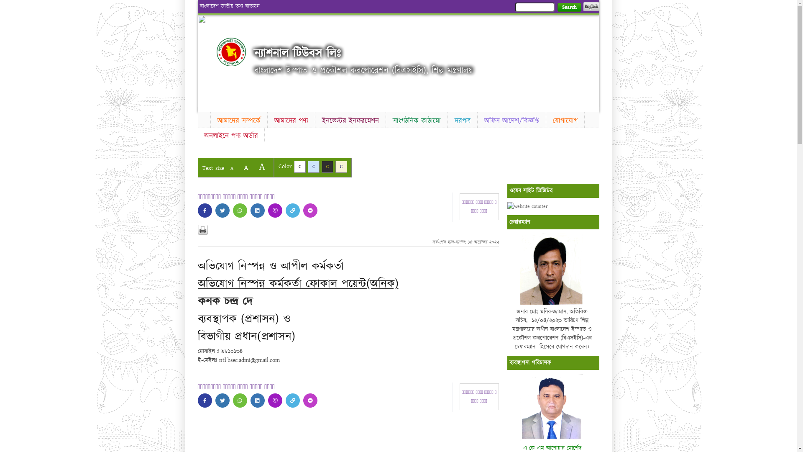 This screenshot has height=452, width=803. I want to click on 'Search', so click(569, 7).